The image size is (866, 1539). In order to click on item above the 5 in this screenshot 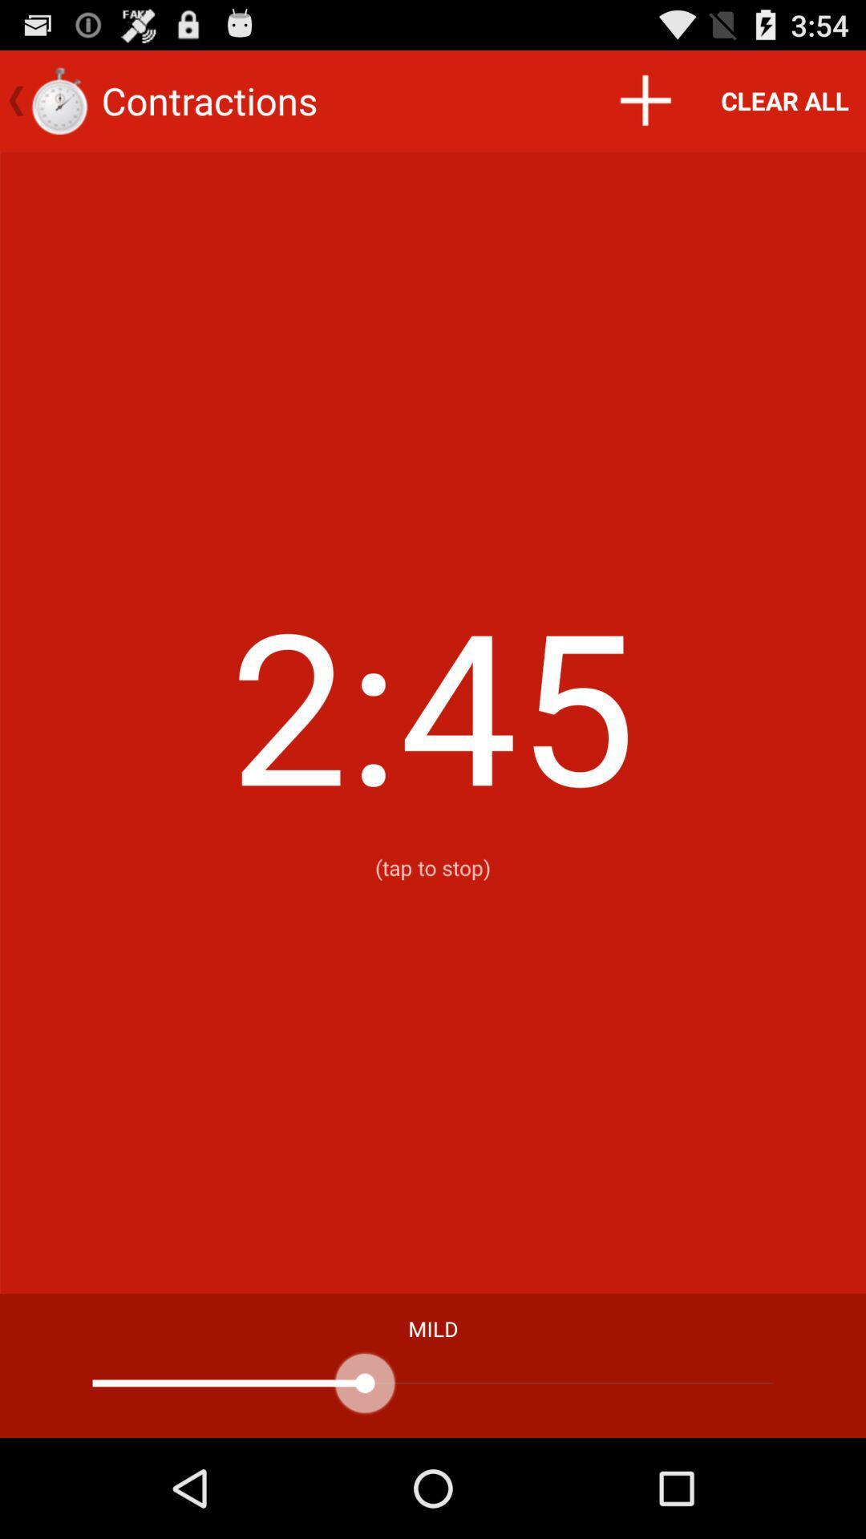, I will do `click(644, 99)`.